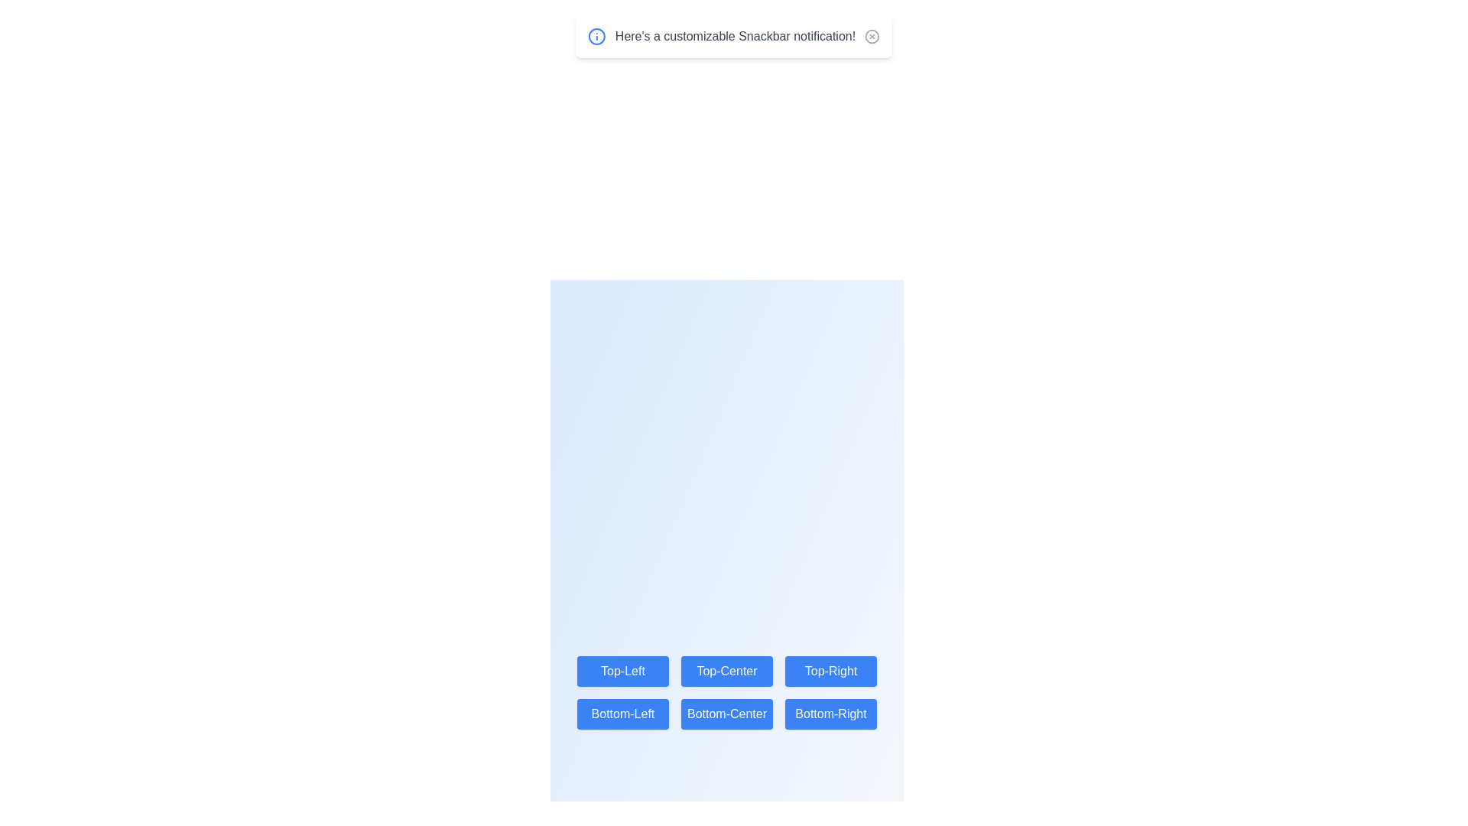 The height and width of the screenshot is (826, 1468). What do you see at coordinates (830, 671) in the screenshot?
I see `the button labeled Top-Right to change the Snackbar position` at bounding box center [830, 671].